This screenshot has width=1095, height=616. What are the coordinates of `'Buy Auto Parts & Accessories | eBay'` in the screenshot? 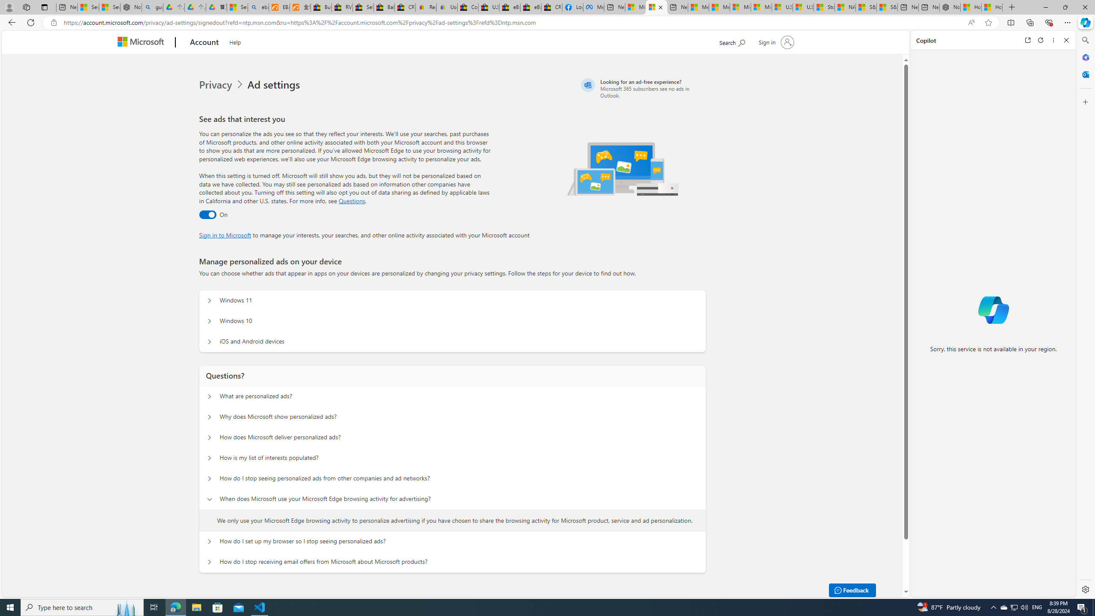 It's located at (321, 7).